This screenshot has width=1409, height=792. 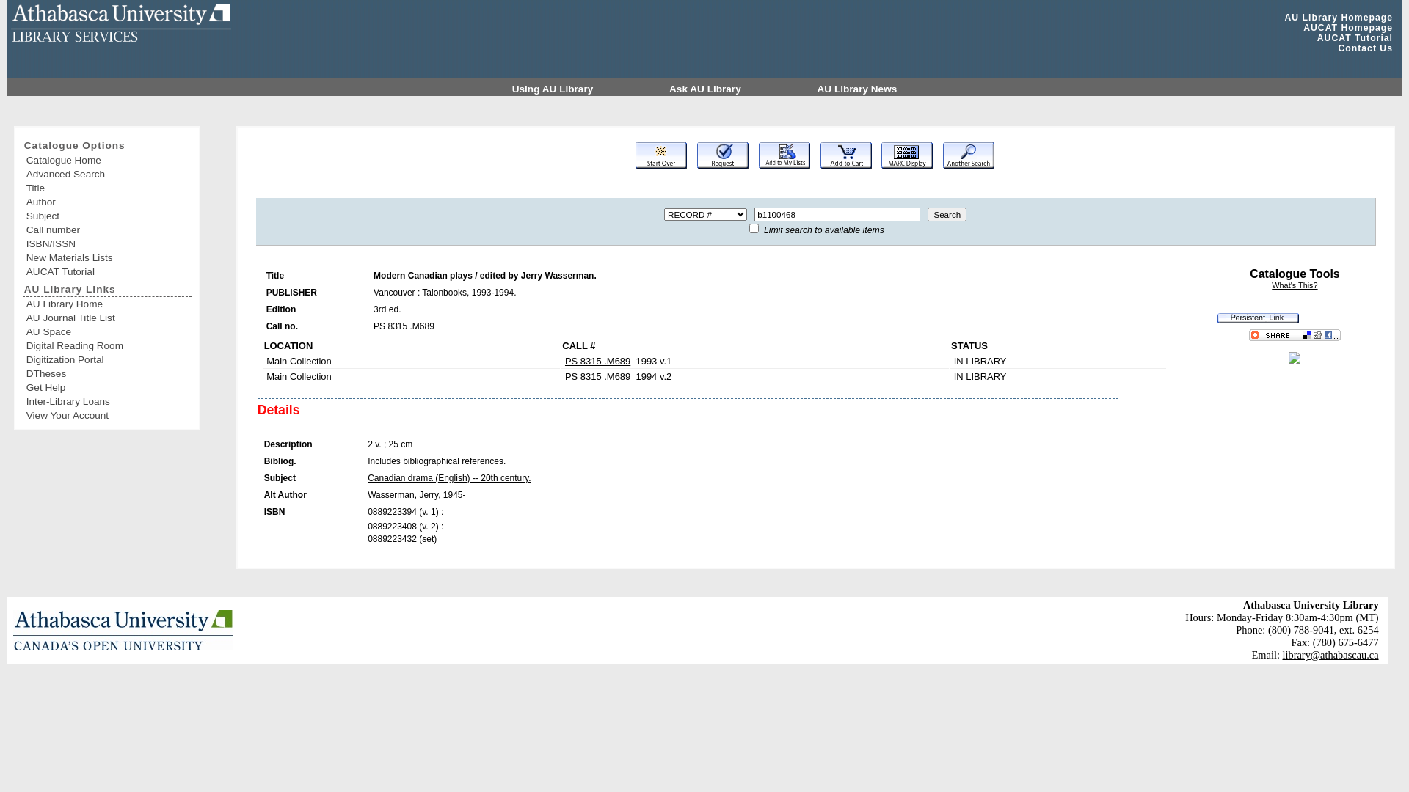 I want to click on 'Using AU Library', so click(x=553, y=89).